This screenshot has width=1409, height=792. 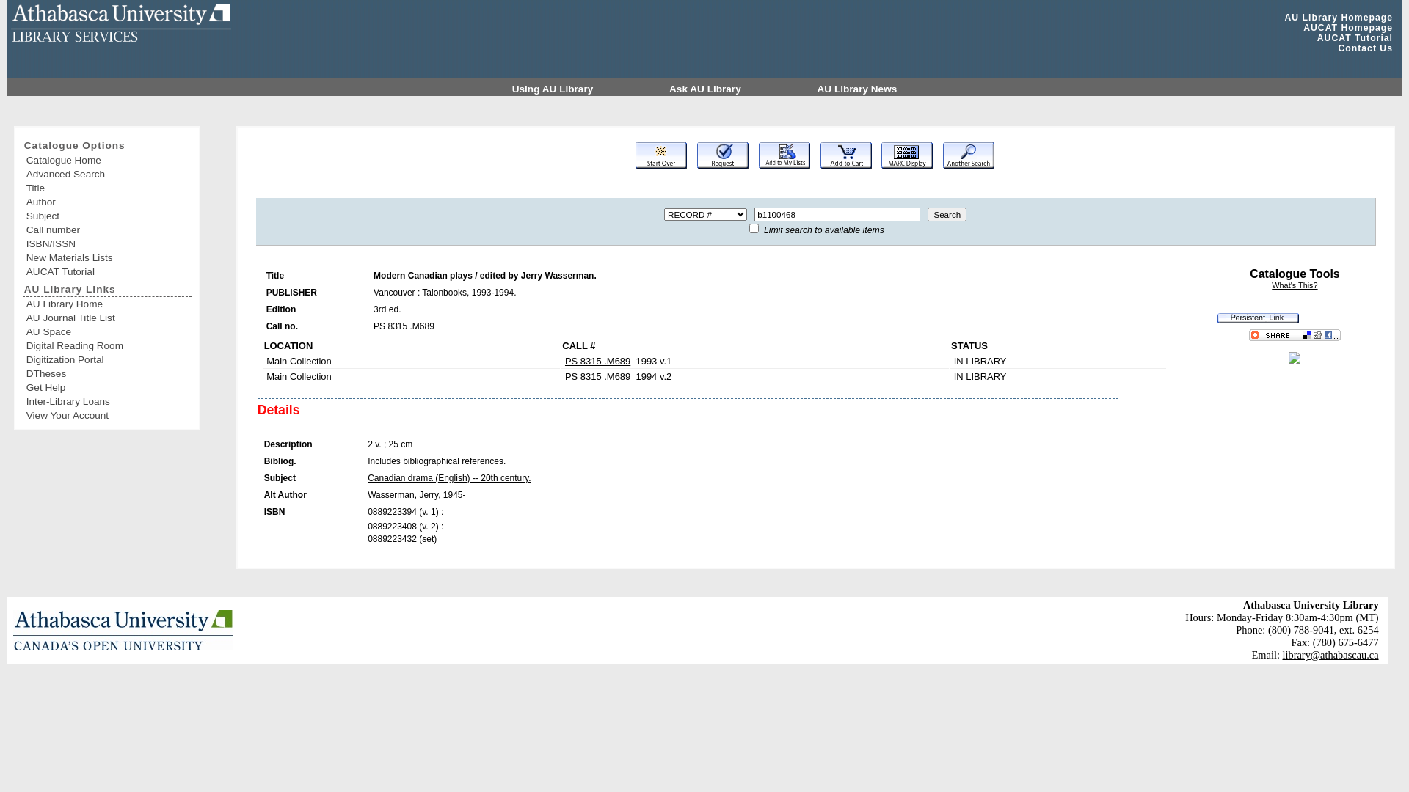 I want to click on 'Using AU Library', so click(x=553, y=89).